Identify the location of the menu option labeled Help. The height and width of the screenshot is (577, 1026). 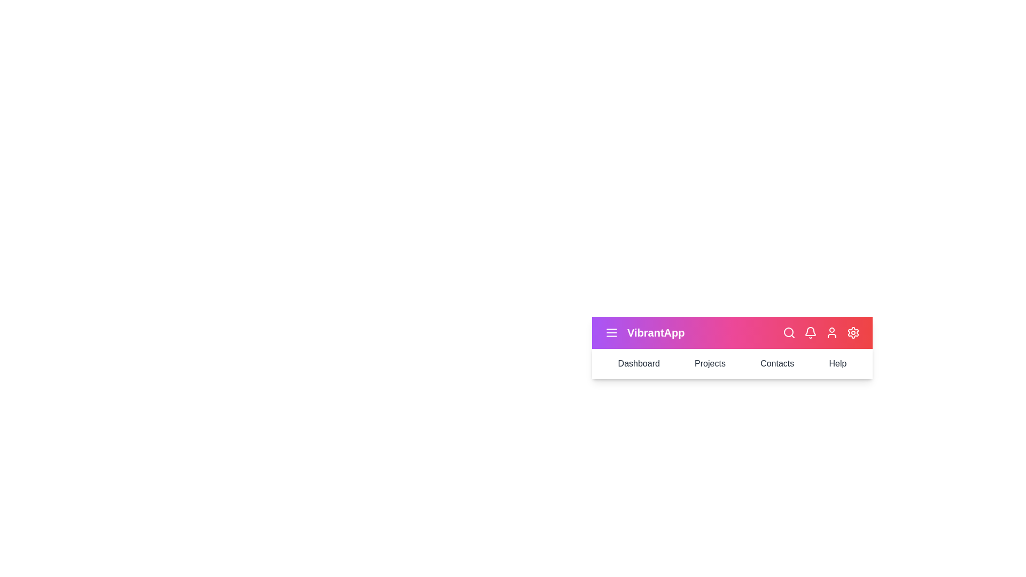
(837, 363).